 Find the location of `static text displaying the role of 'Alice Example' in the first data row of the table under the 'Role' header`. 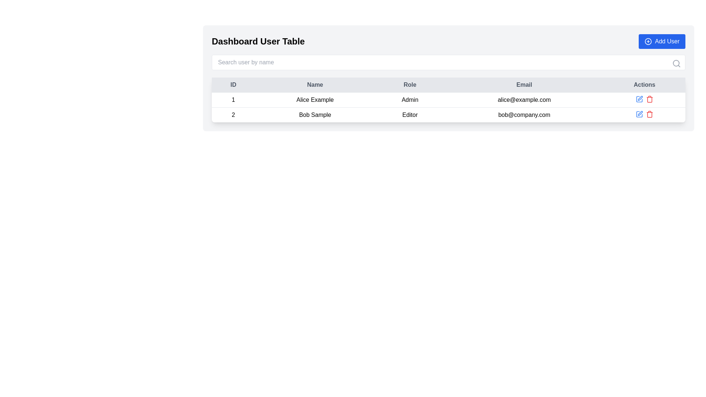

static text displaying the role of 'Alice Example' in the first data row of the table under the 'Role' header is located at coordinates (410, 100).